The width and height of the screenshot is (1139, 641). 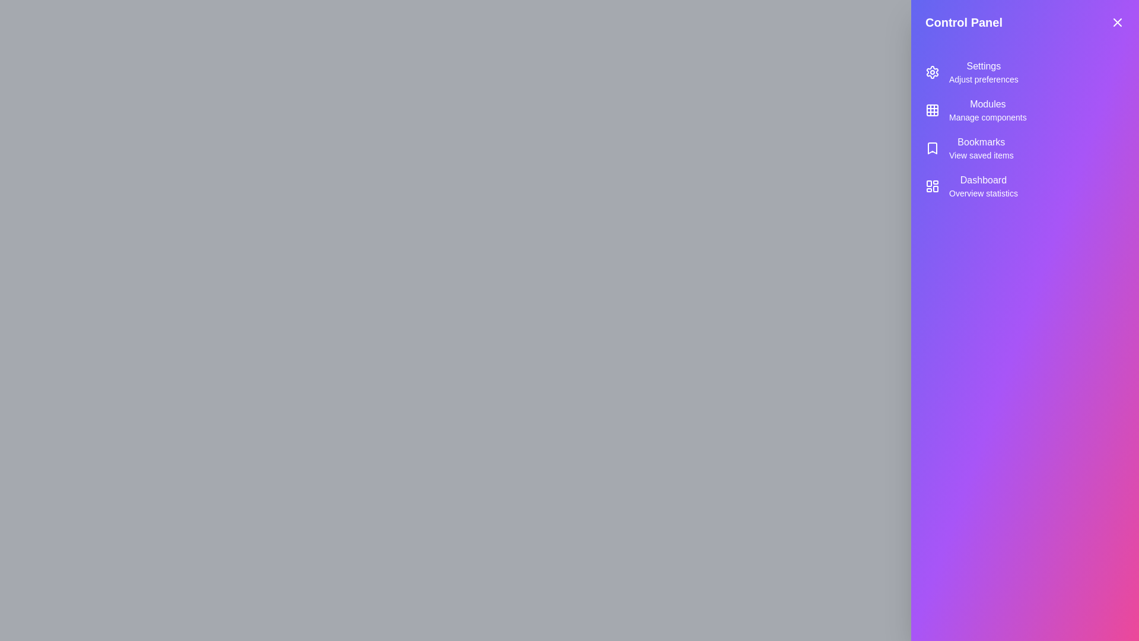 What do you see at coordinates (1025, 110) in the screenshot?
I see `the Menu Option located second from the top in the vertical menu list` at bounding box center [1025, 110].